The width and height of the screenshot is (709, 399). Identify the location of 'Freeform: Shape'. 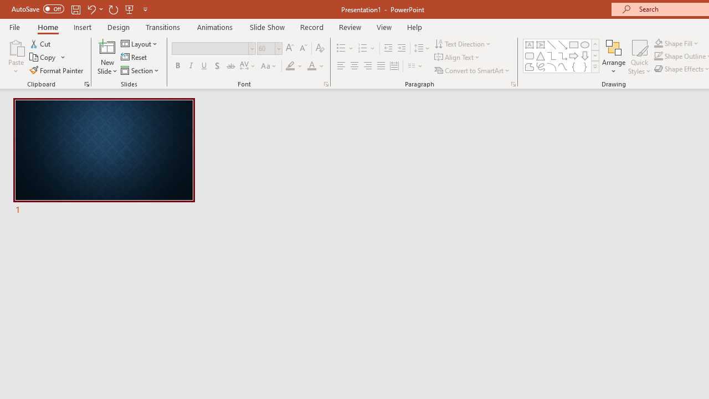
(529, 66).